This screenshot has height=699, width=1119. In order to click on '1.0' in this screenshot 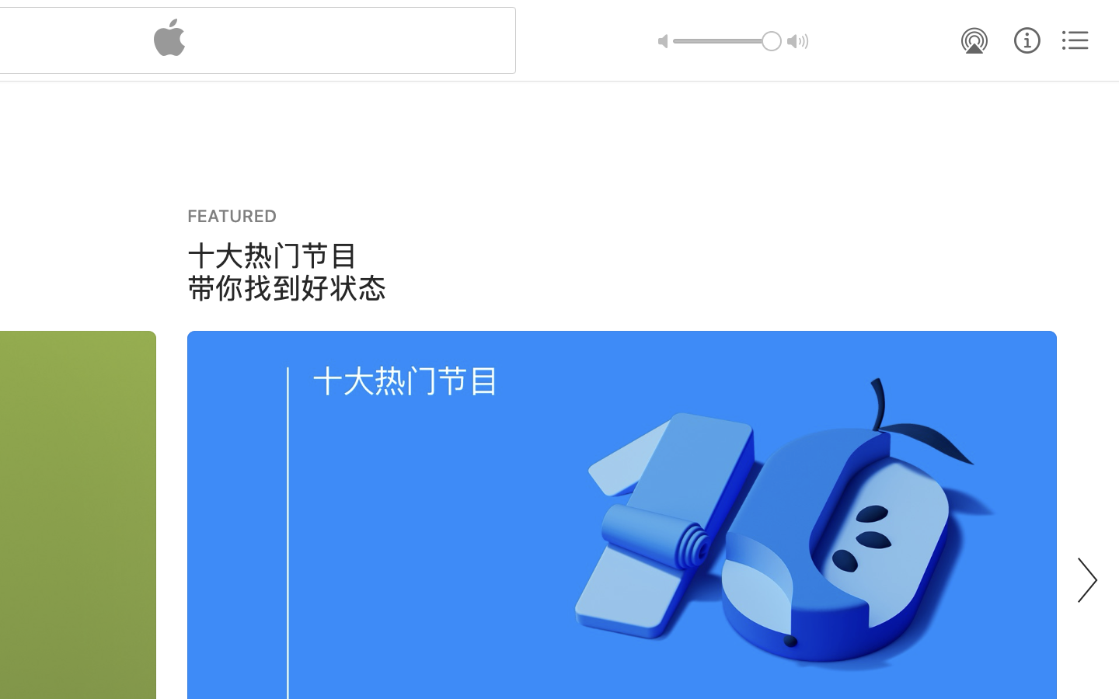, I will do `click(727, 40)`.